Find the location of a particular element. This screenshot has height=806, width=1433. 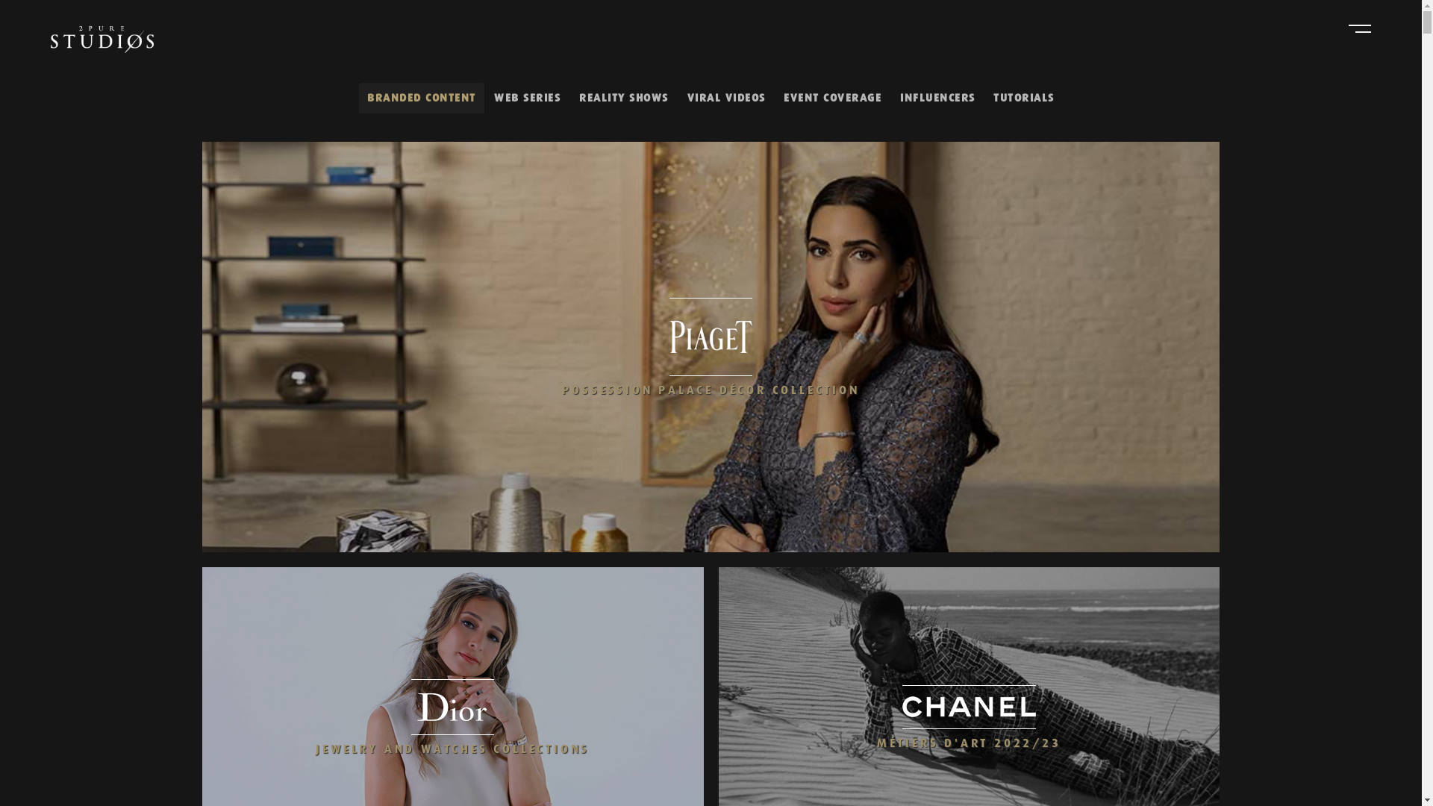

'REALITY SHOWS' is located at coordinates (623, 98).